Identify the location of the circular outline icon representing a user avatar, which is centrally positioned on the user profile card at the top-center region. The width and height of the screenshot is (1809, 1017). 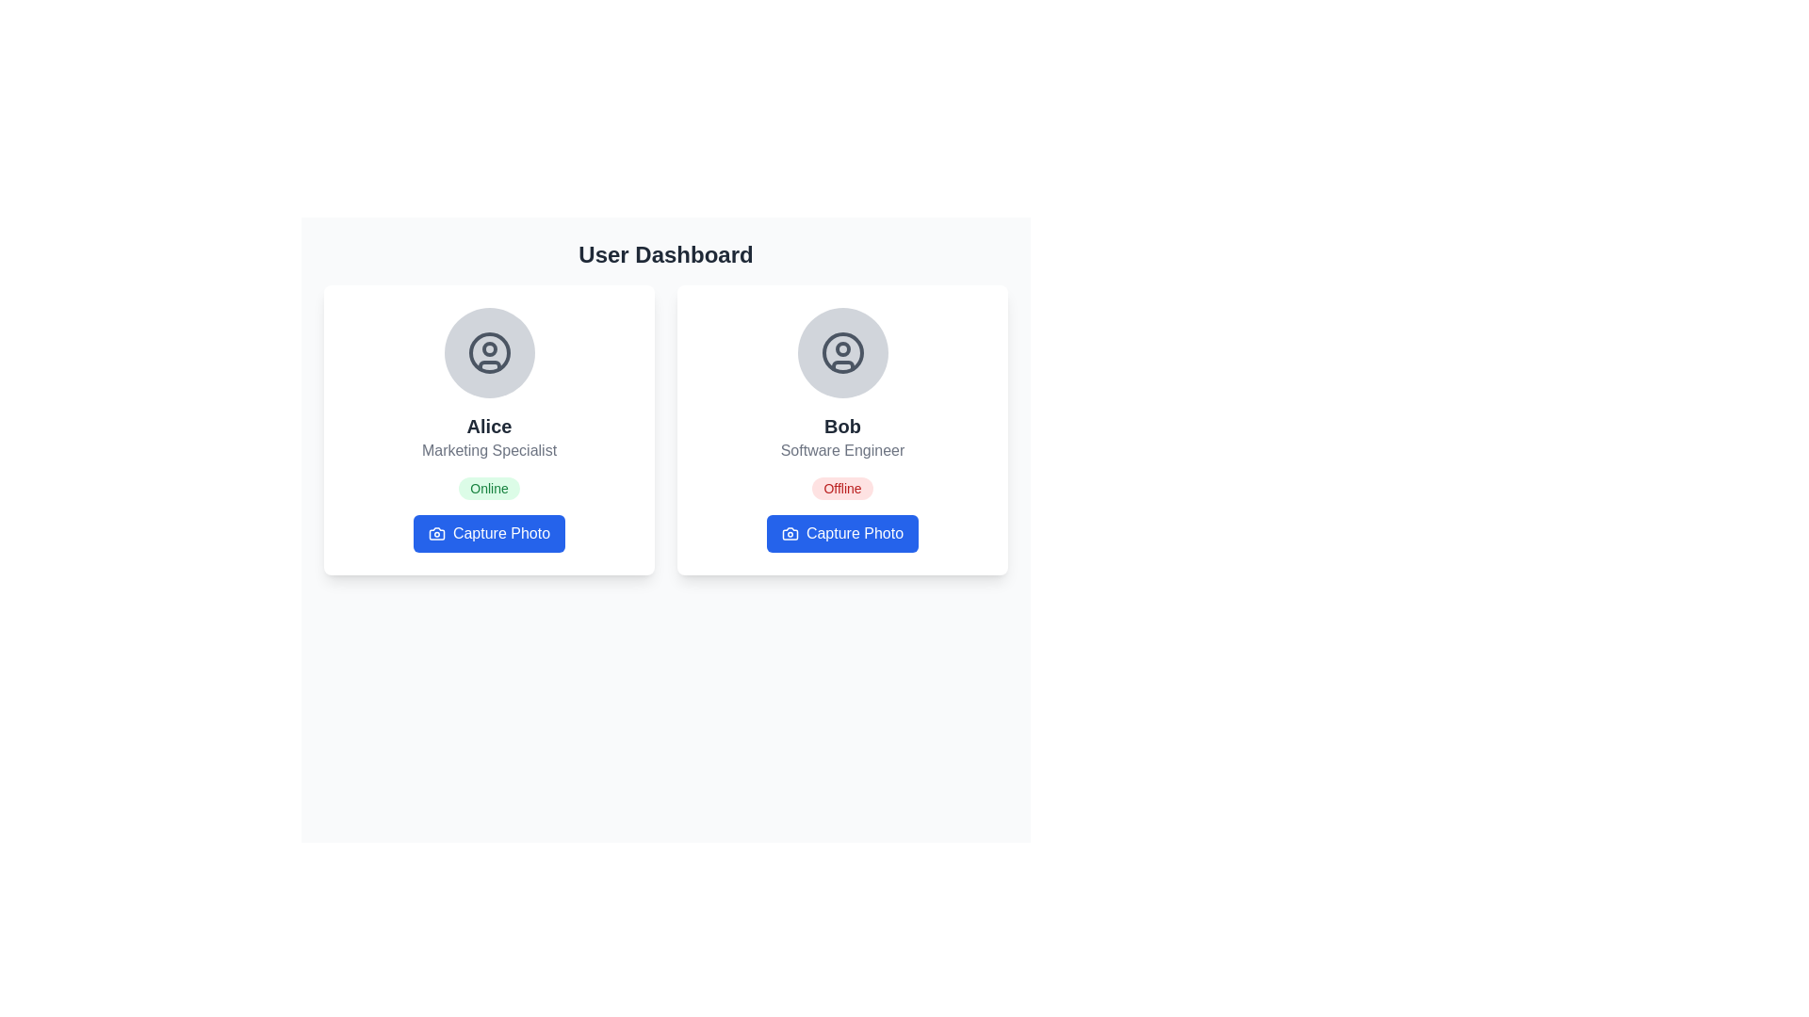
(489, 352).